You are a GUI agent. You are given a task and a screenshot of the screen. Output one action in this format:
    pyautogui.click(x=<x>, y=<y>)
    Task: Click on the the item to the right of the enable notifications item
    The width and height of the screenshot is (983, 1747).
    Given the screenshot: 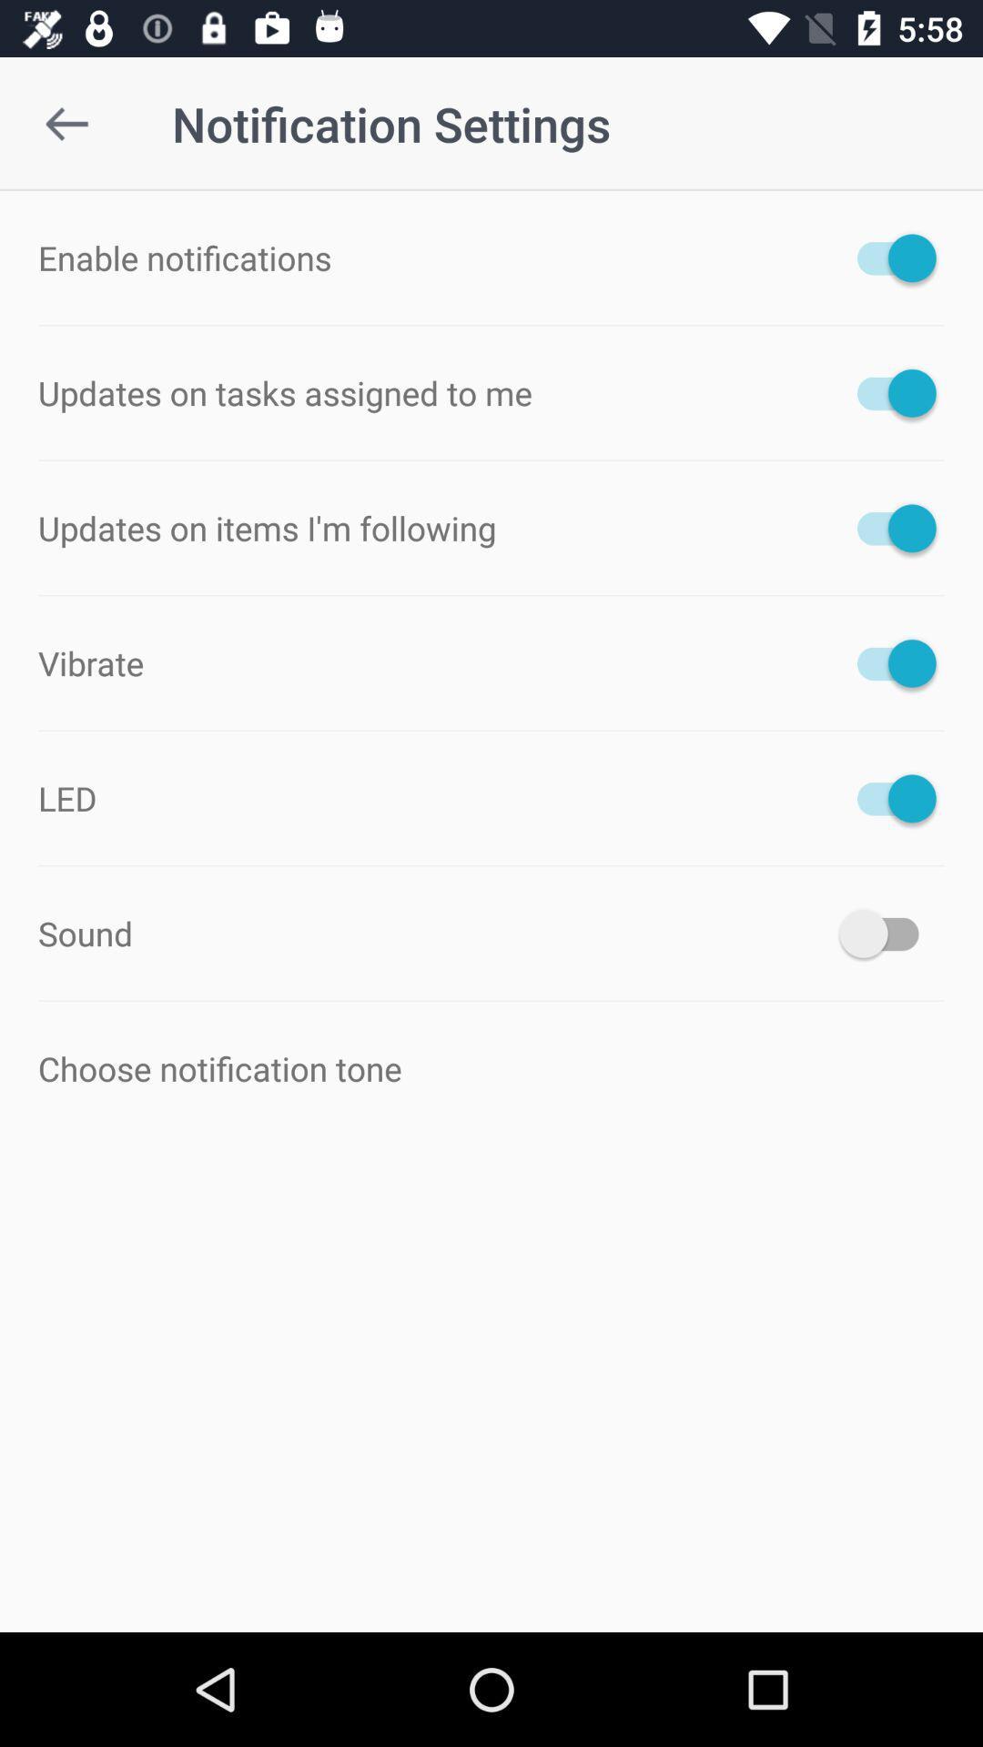 What is the action you would take?
    pyautogui.click(x=887, y=257)
    